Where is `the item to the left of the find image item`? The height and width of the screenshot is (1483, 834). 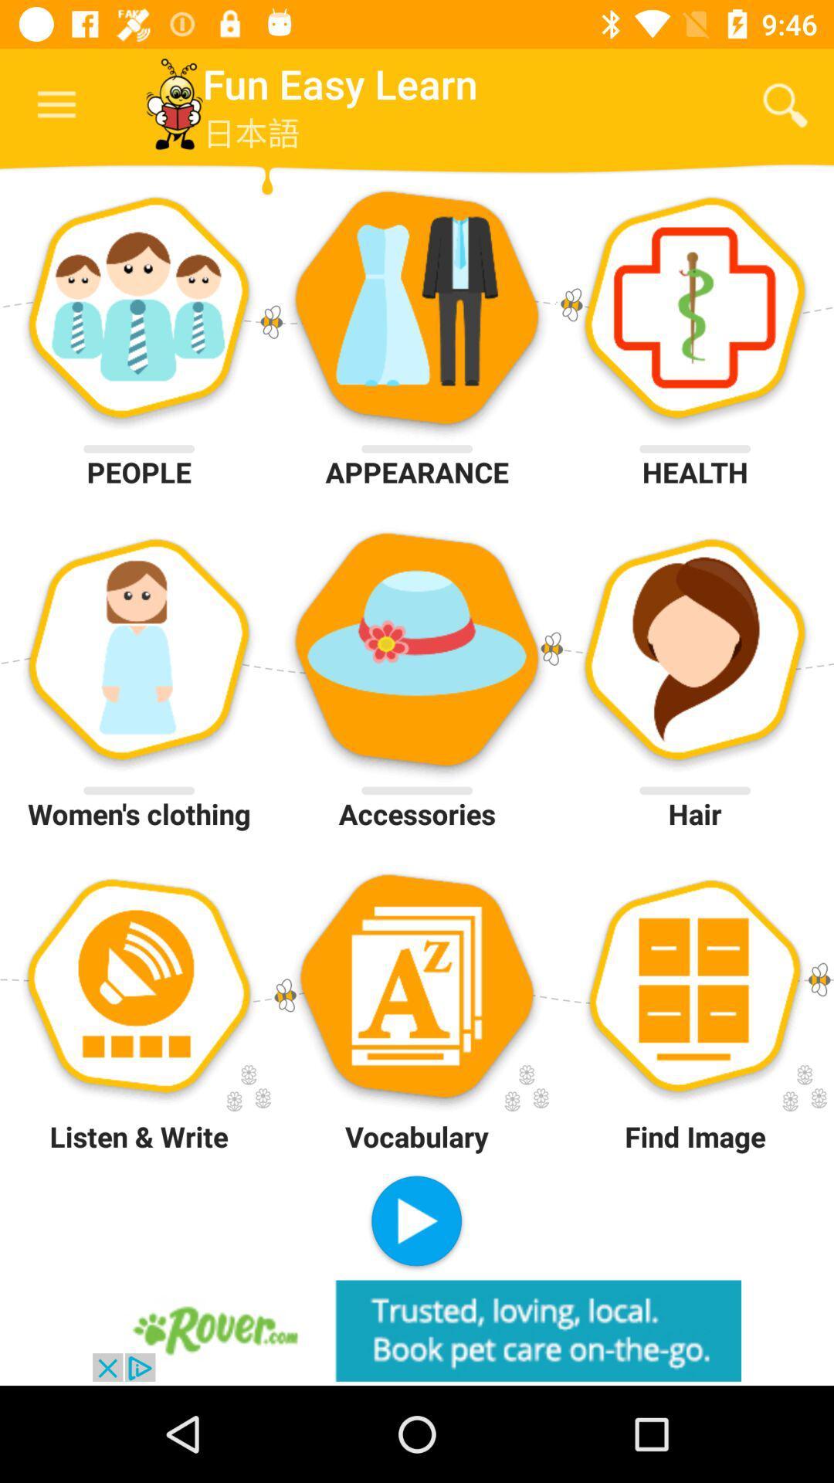 the item to the left of the find image item is located at coordinates (415, 1222).